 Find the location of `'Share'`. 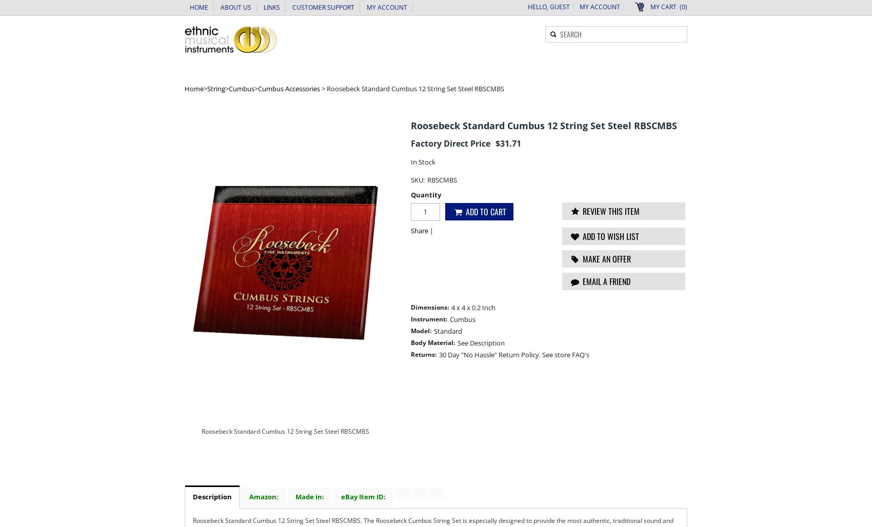

'Share' is located at coordinates (419, 230).